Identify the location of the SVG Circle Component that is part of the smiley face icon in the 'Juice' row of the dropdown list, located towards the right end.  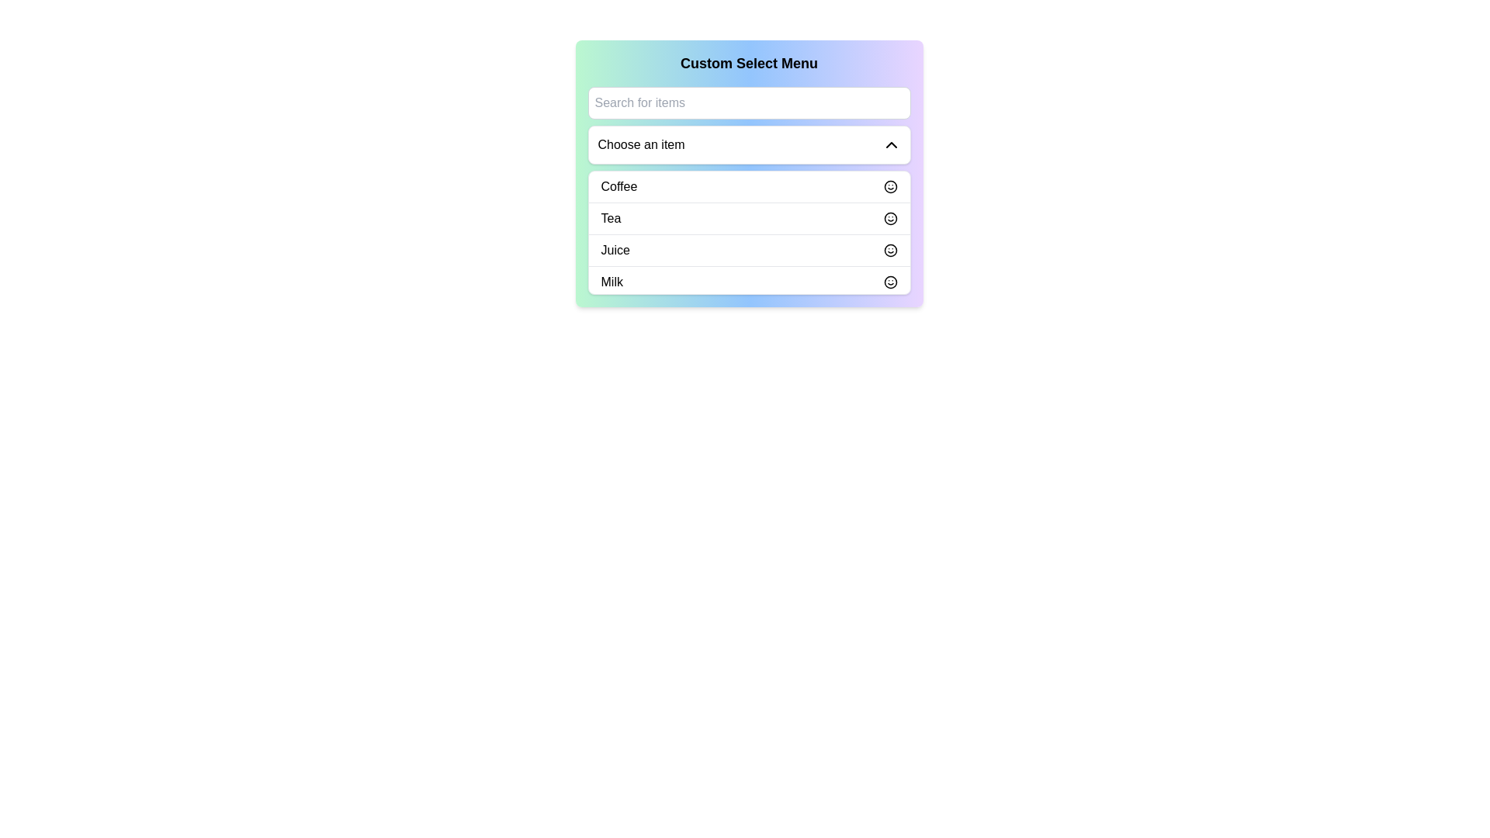
(890, 250).